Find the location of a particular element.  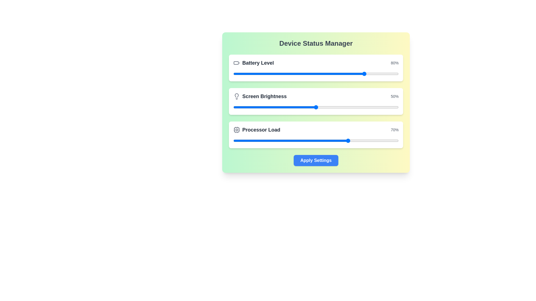

the battery level slider is located at coordinates (297, 74).